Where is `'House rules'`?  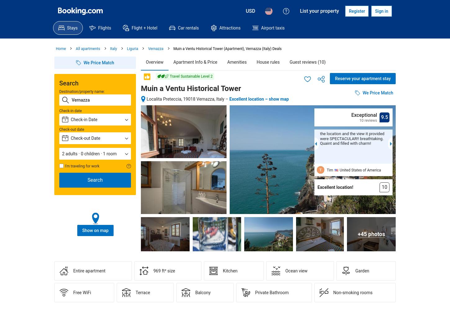
'House rules' is located at coordinates (268, 62).